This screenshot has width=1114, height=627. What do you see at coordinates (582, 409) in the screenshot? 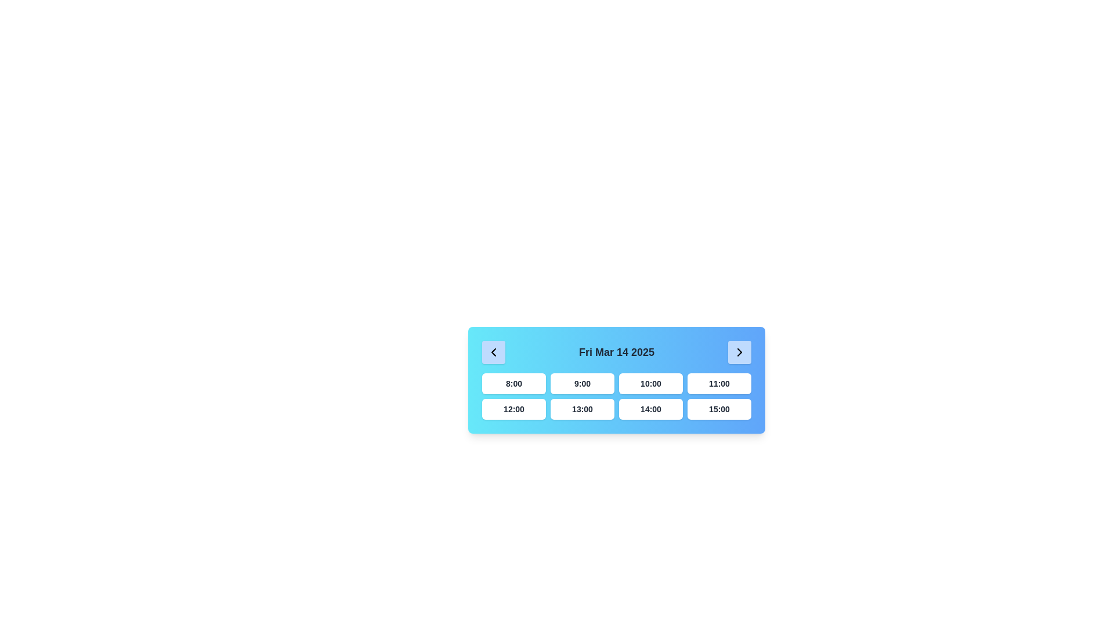
I see `the rectangular button with the text '13:00' in bold dark-gray font for visual highlight` at bounding box center [582, 409].